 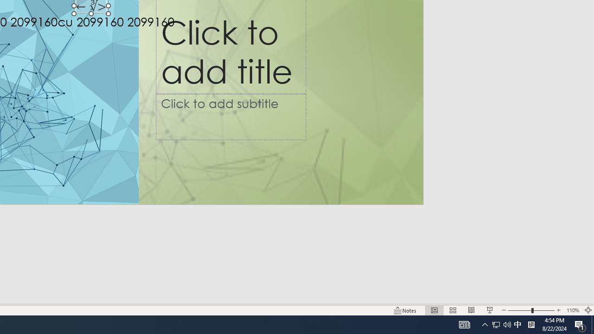 I want to click on 'Zoom 110%', so click(x=572, y=310).